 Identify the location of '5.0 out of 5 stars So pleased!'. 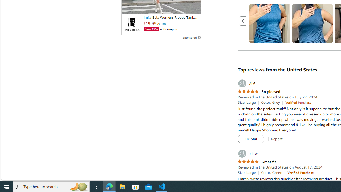
(259, 91).